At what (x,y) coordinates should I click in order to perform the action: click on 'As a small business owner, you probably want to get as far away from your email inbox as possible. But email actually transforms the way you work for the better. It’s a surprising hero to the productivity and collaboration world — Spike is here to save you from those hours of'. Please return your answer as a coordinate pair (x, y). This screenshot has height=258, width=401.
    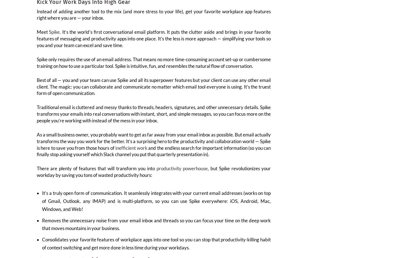
    Looking at the image, I should click on (153, 144).